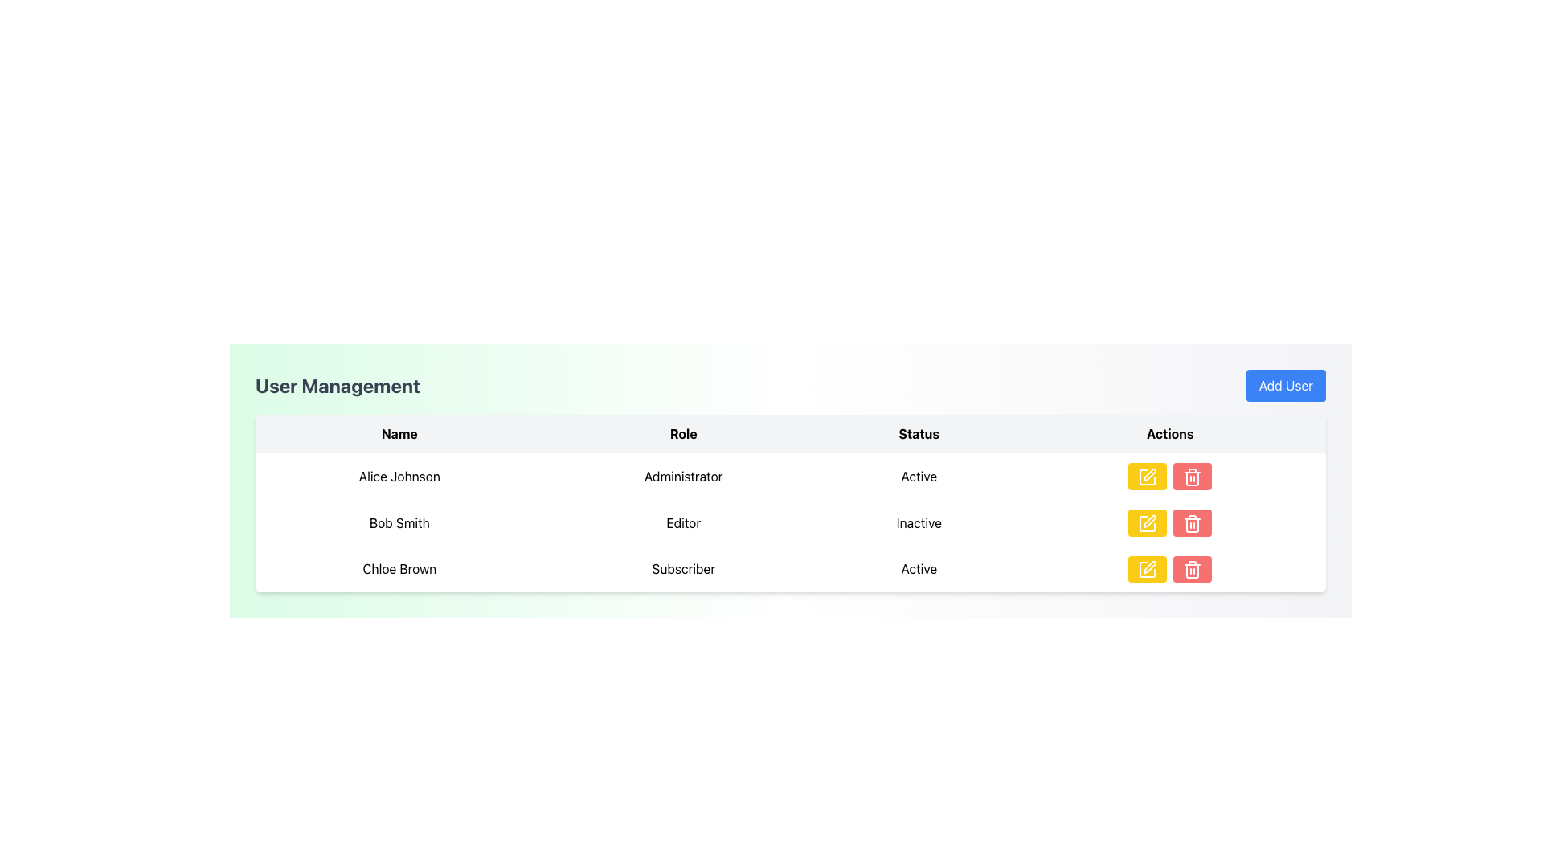 The width and height of the screenshot is (1543, 868). Describe the element at coordinates (790, 568) in the screenshot. I see `the tabular row representing the user 'Chloe Brown' in the 'User Management' section of the data table, which is the third row in the table` at that location.